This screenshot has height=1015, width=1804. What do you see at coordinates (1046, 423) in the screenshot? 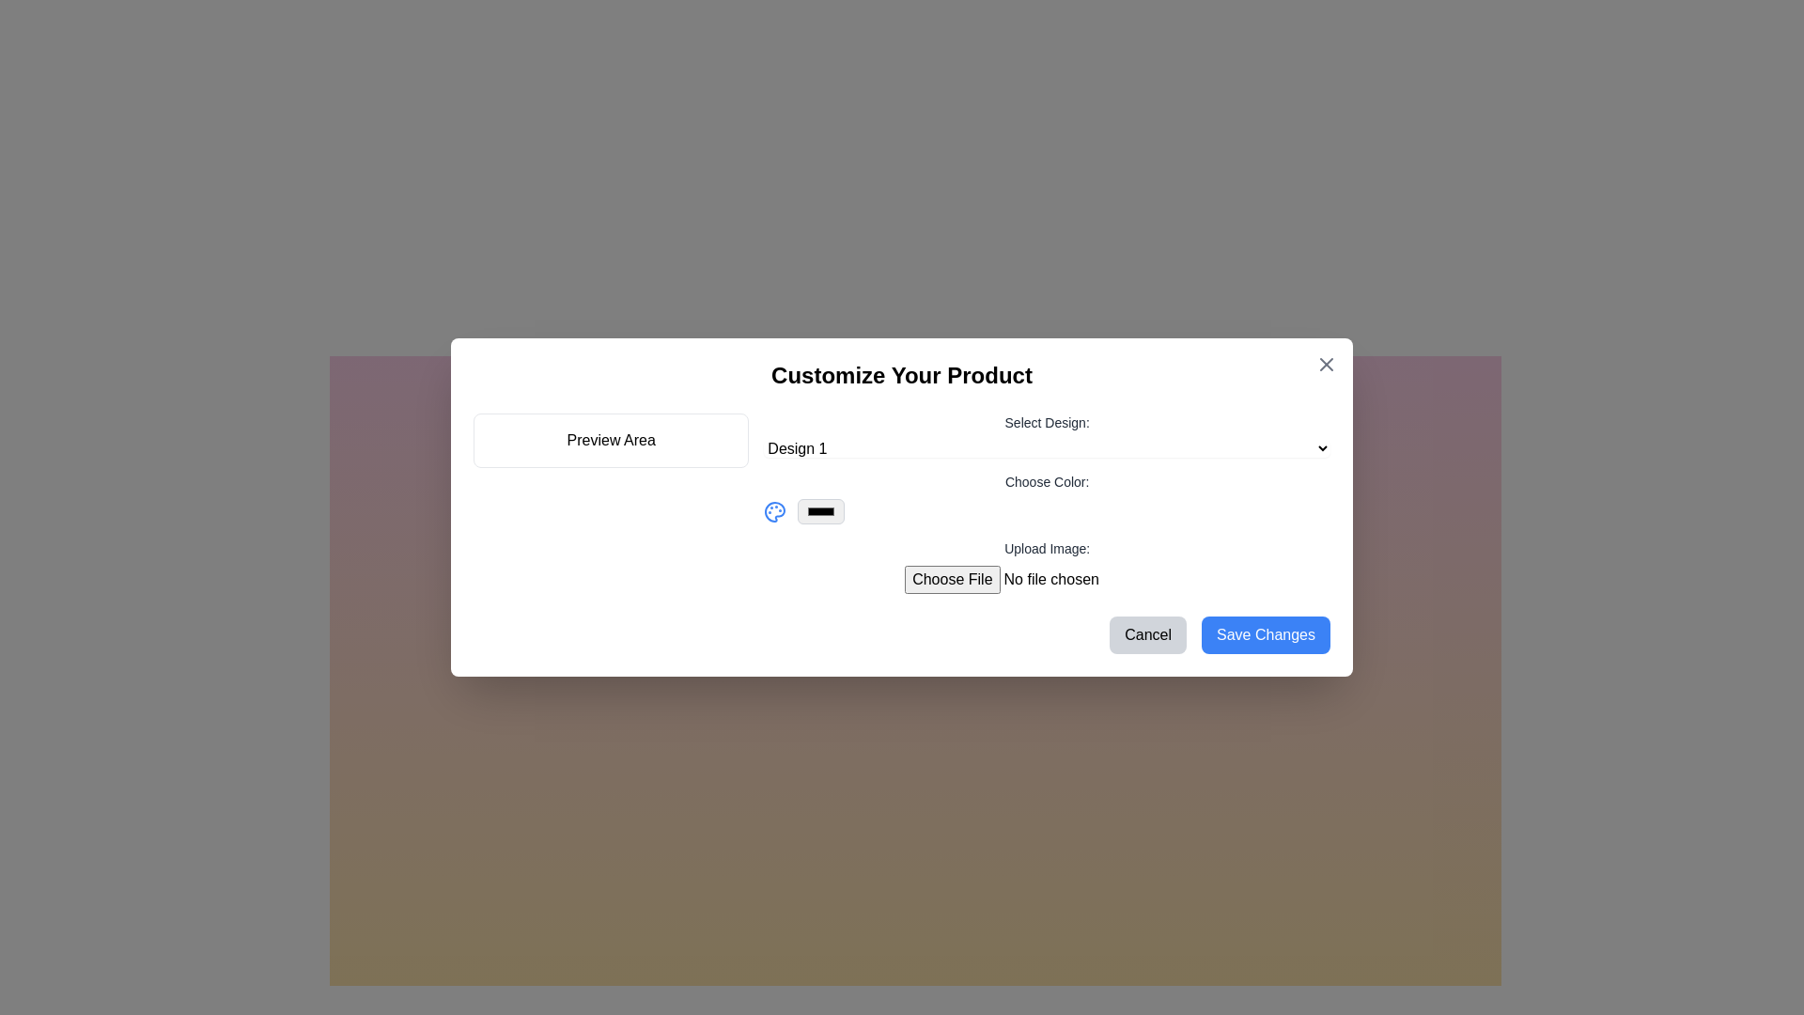
I see `the label indicating the purpose of the dropdown menu located above it in the modal` at bounding box center [1046, 423].